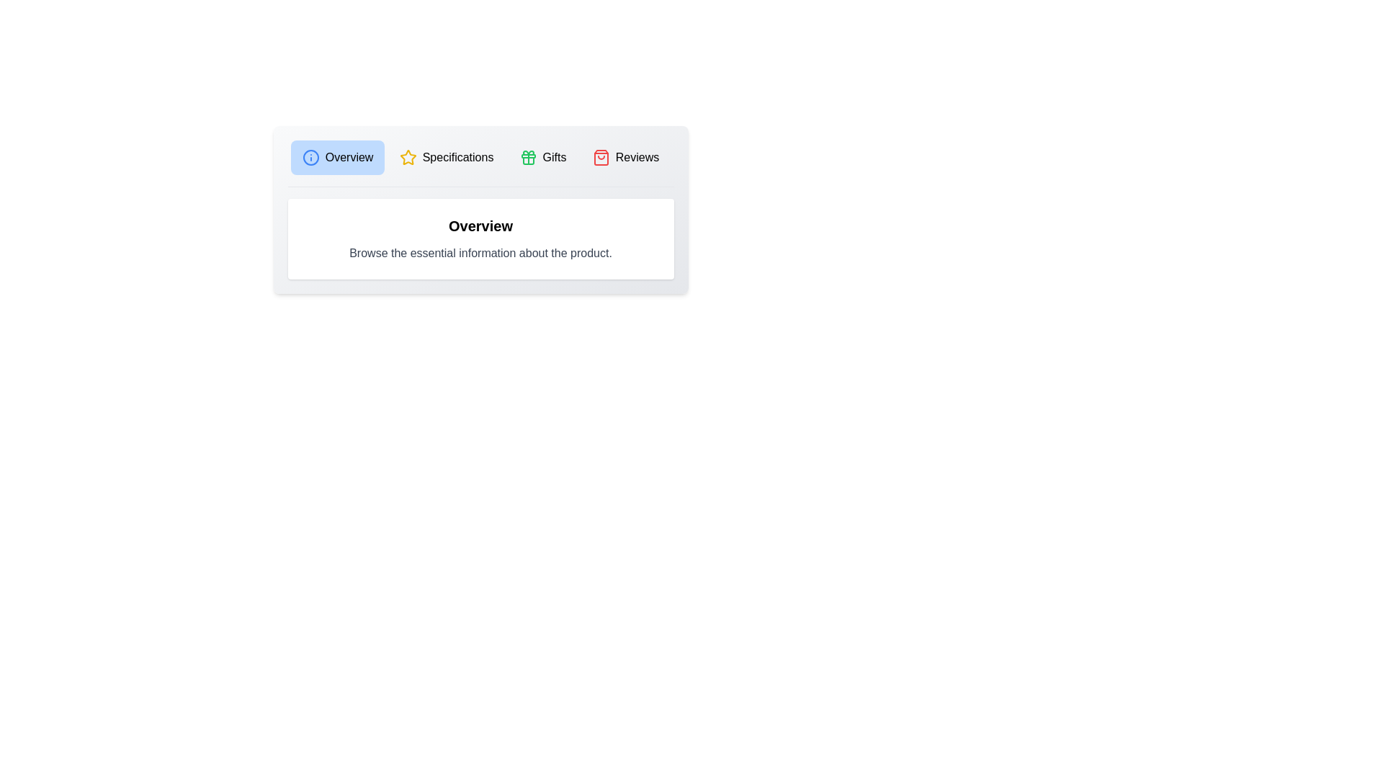  Describe the element at coordinates (337, 158) in the screenshot. I see `the Overview tab to display its content` at that location.